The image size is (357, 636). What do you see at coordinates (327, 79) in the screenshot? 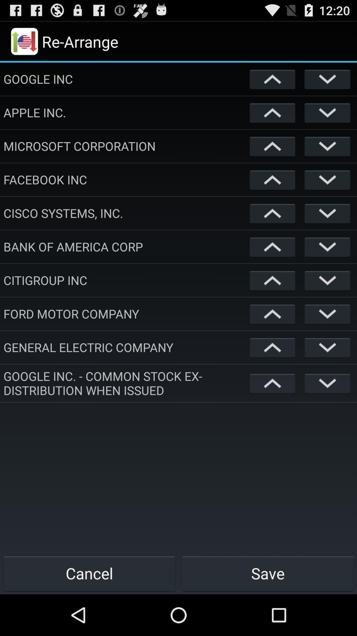
I see `down` at bounding box center [327, 79].